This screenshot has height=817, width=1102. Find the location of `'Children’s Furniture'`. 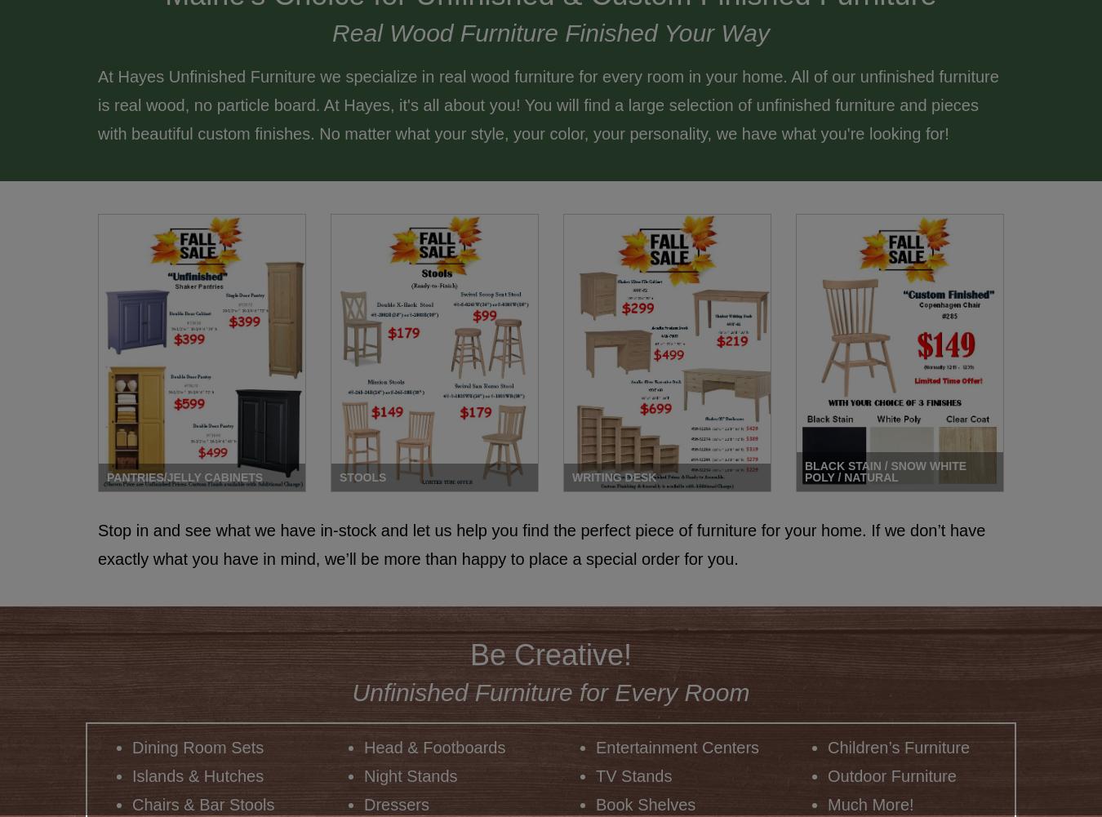

'Children’s Furniture' is located at coordinates (899, 748).